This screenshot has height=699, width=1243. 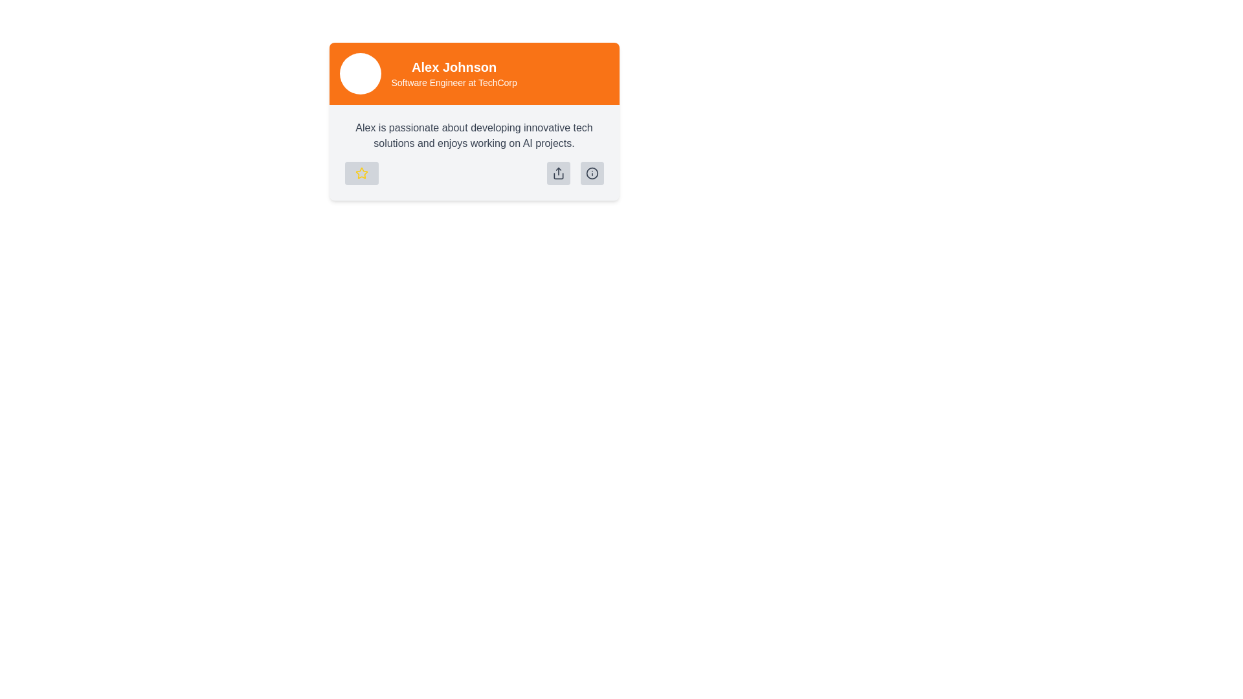 I want to click on the button with a gray background and a yellow star icon located at the bottom-left corner of the user profile card, so click(x=361, y=172).